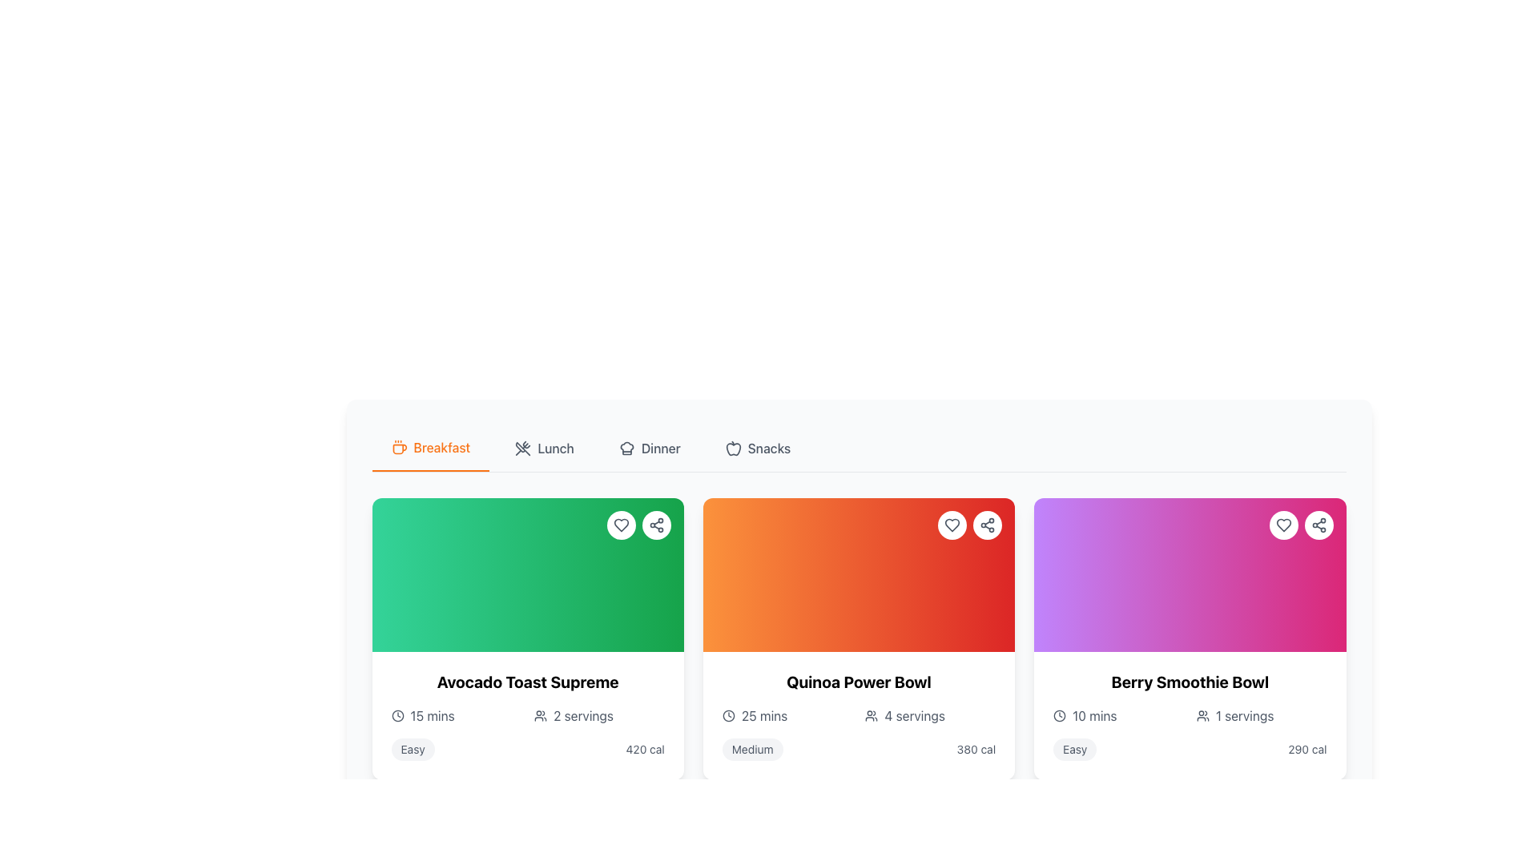  Describe the element at coordinates (397, 715) in the screenshot. I see `the small, circular clock icon located to the left of the '15 mins' text in the green card titled 'Avocado Toast Supreme.'` at that location.